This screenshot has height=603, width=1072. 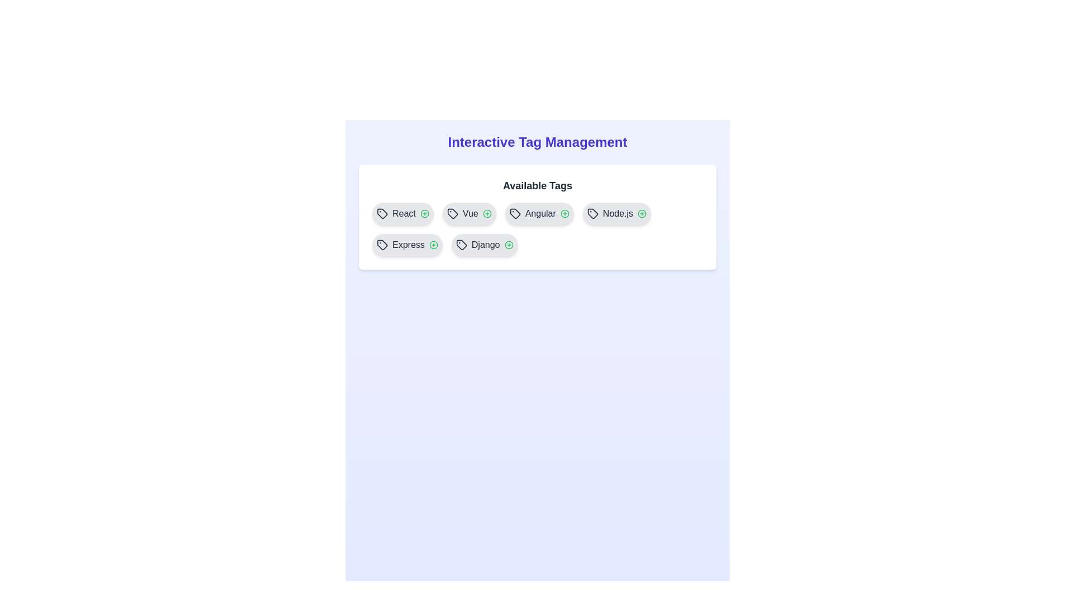 I want to click on the visual representation of the tag-shaped icon located immediately to the left of the 'Node.js' label in the 'Available Tags' section, so click(x=592, y=213).